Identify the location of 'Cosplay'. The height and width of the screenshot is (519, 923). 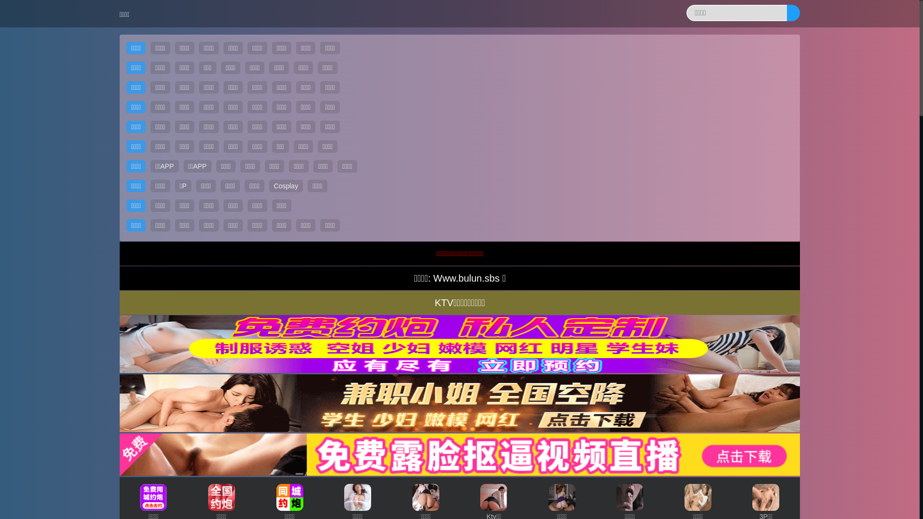
(286, 185).